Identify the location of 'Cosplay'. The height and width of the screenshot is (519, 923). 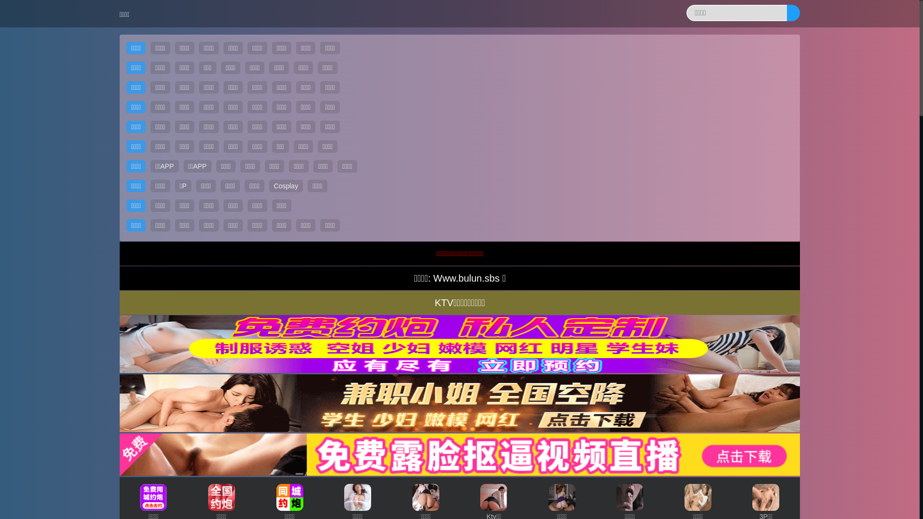
(286, 185).